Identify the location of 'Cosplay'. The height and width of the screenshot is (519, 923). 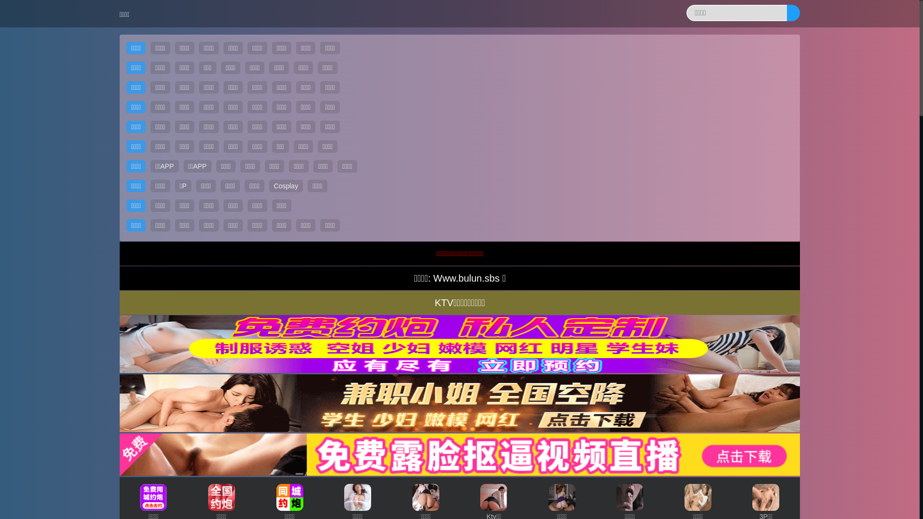
(286, 185).